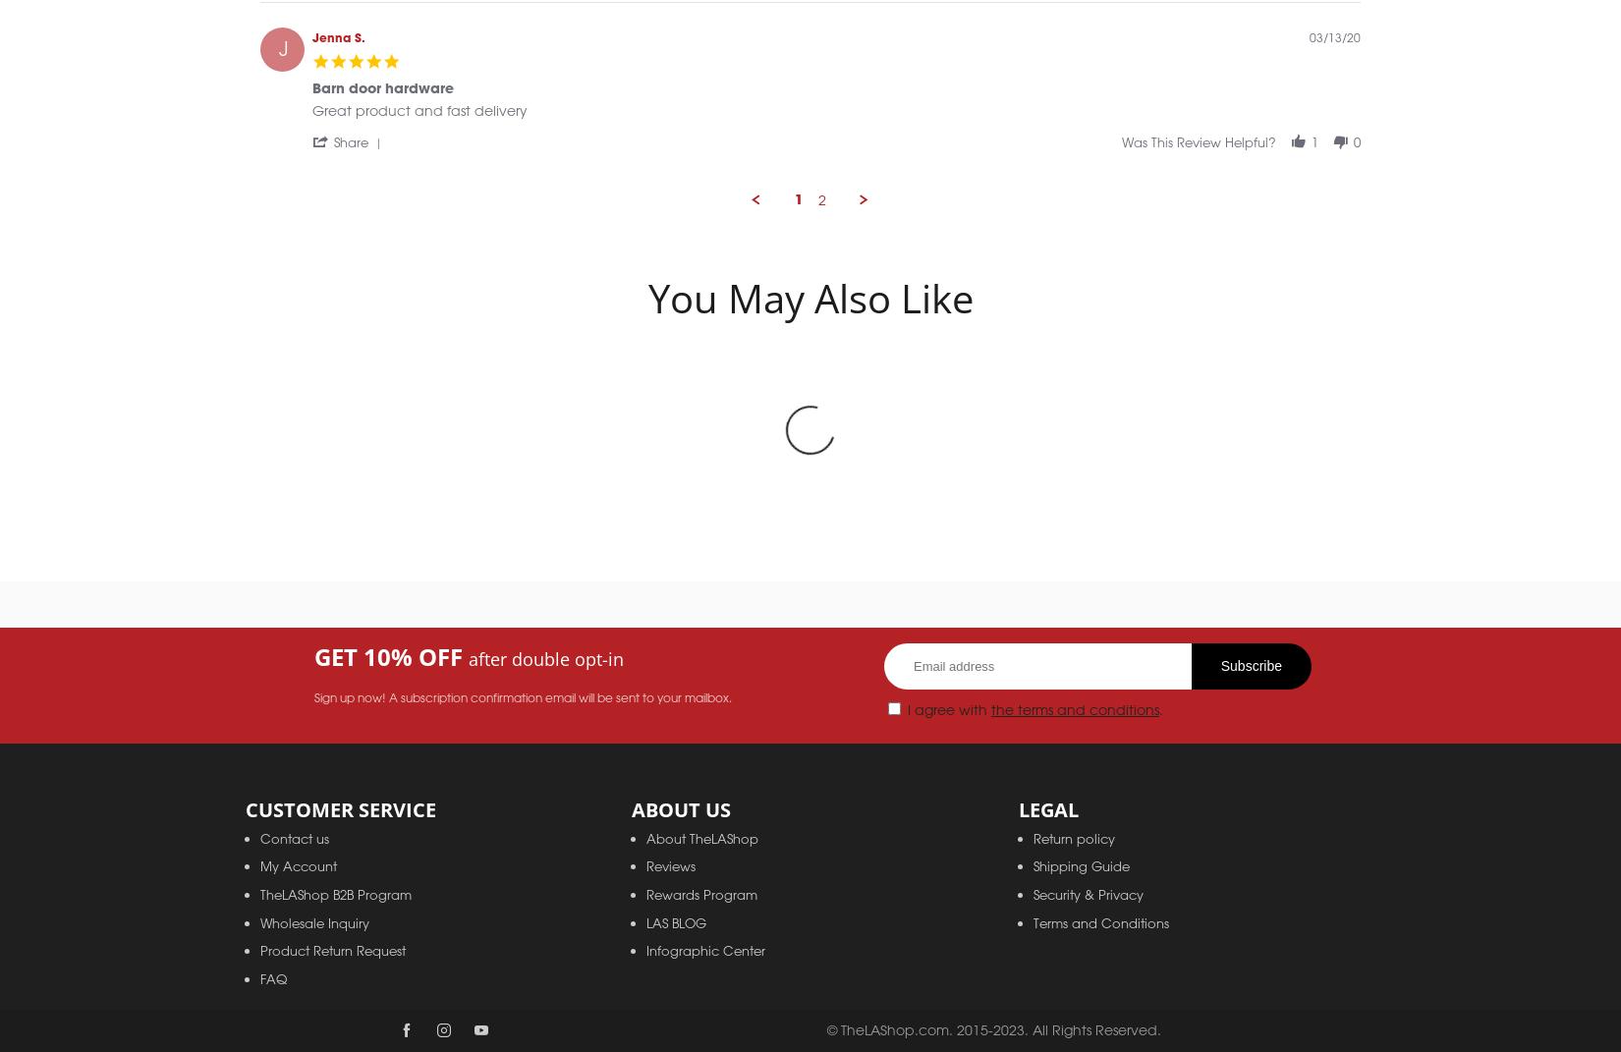 Image resolution: width=1621 pixels, height=1052 pixels. What do you see at coordinates (383, 110) in the screenshot?
I see `'Barn door hardware'` at bounding box center [383, 110].